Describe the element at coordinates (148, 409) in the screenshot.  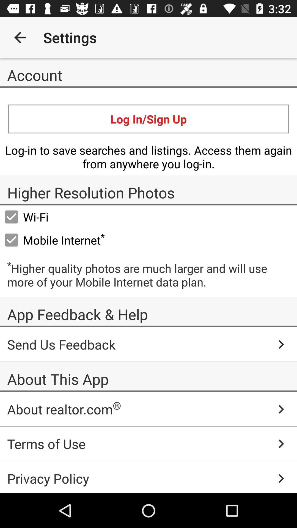
I see `item below about this app icon` at that location.